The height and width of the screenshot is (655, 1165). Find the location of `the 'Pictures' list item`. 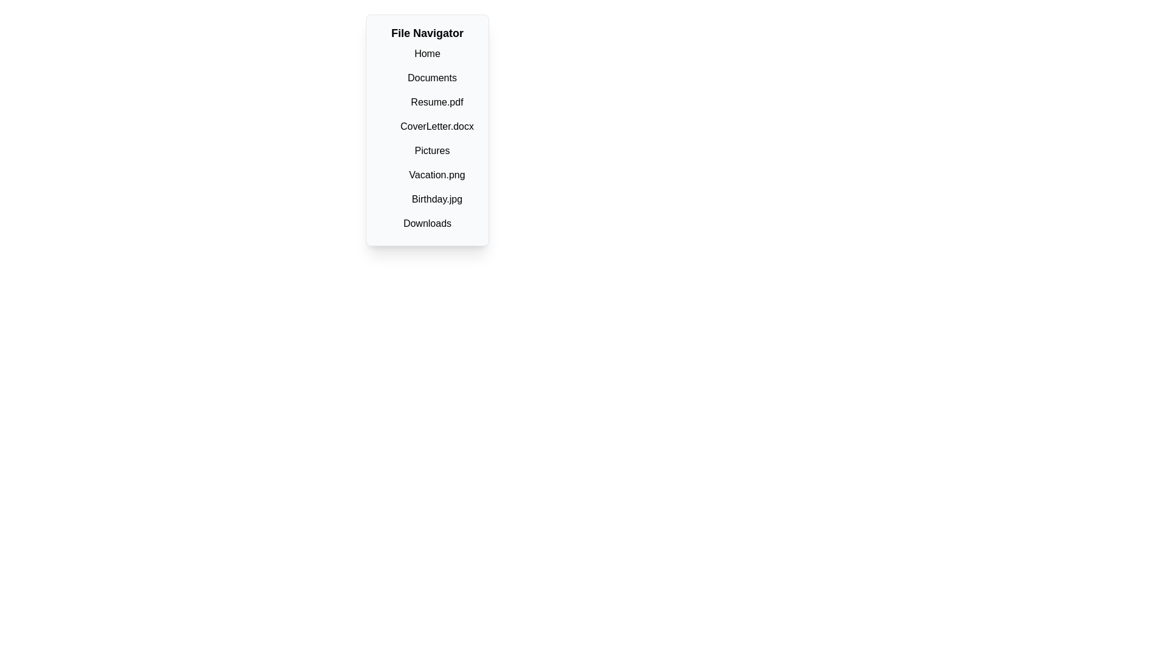

the 'Pictures' list item is located at coordinates (432, 150).